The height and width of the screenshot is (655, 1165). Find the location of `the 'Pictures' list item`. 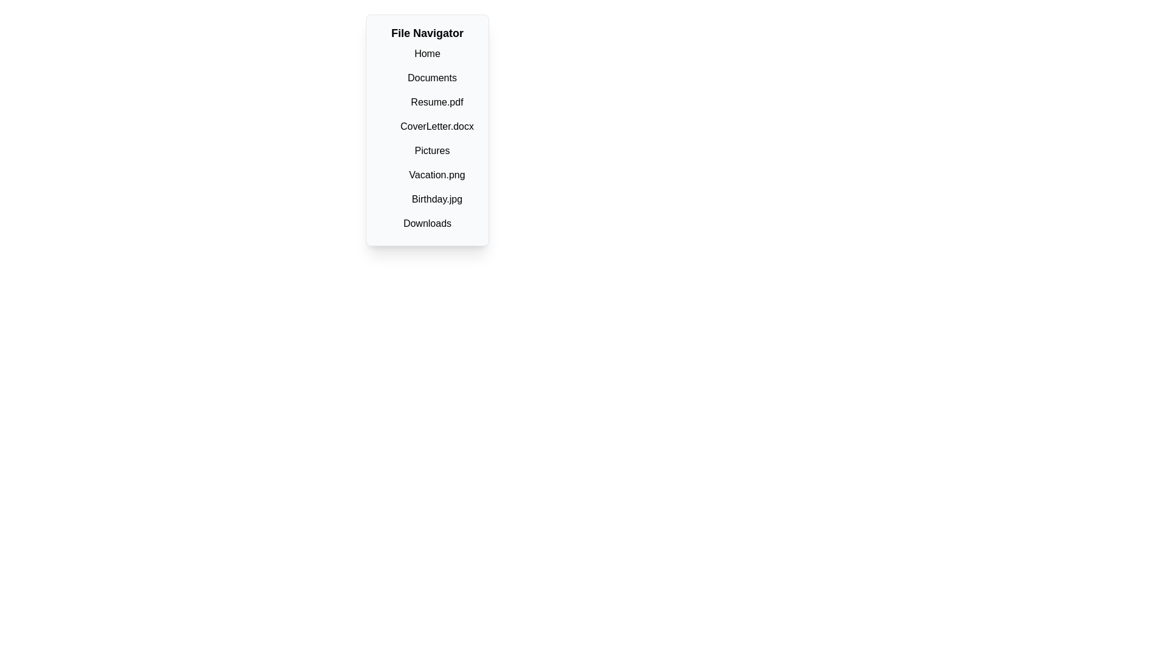

the 'Pictures' list item is located at coordinates (432, 150).